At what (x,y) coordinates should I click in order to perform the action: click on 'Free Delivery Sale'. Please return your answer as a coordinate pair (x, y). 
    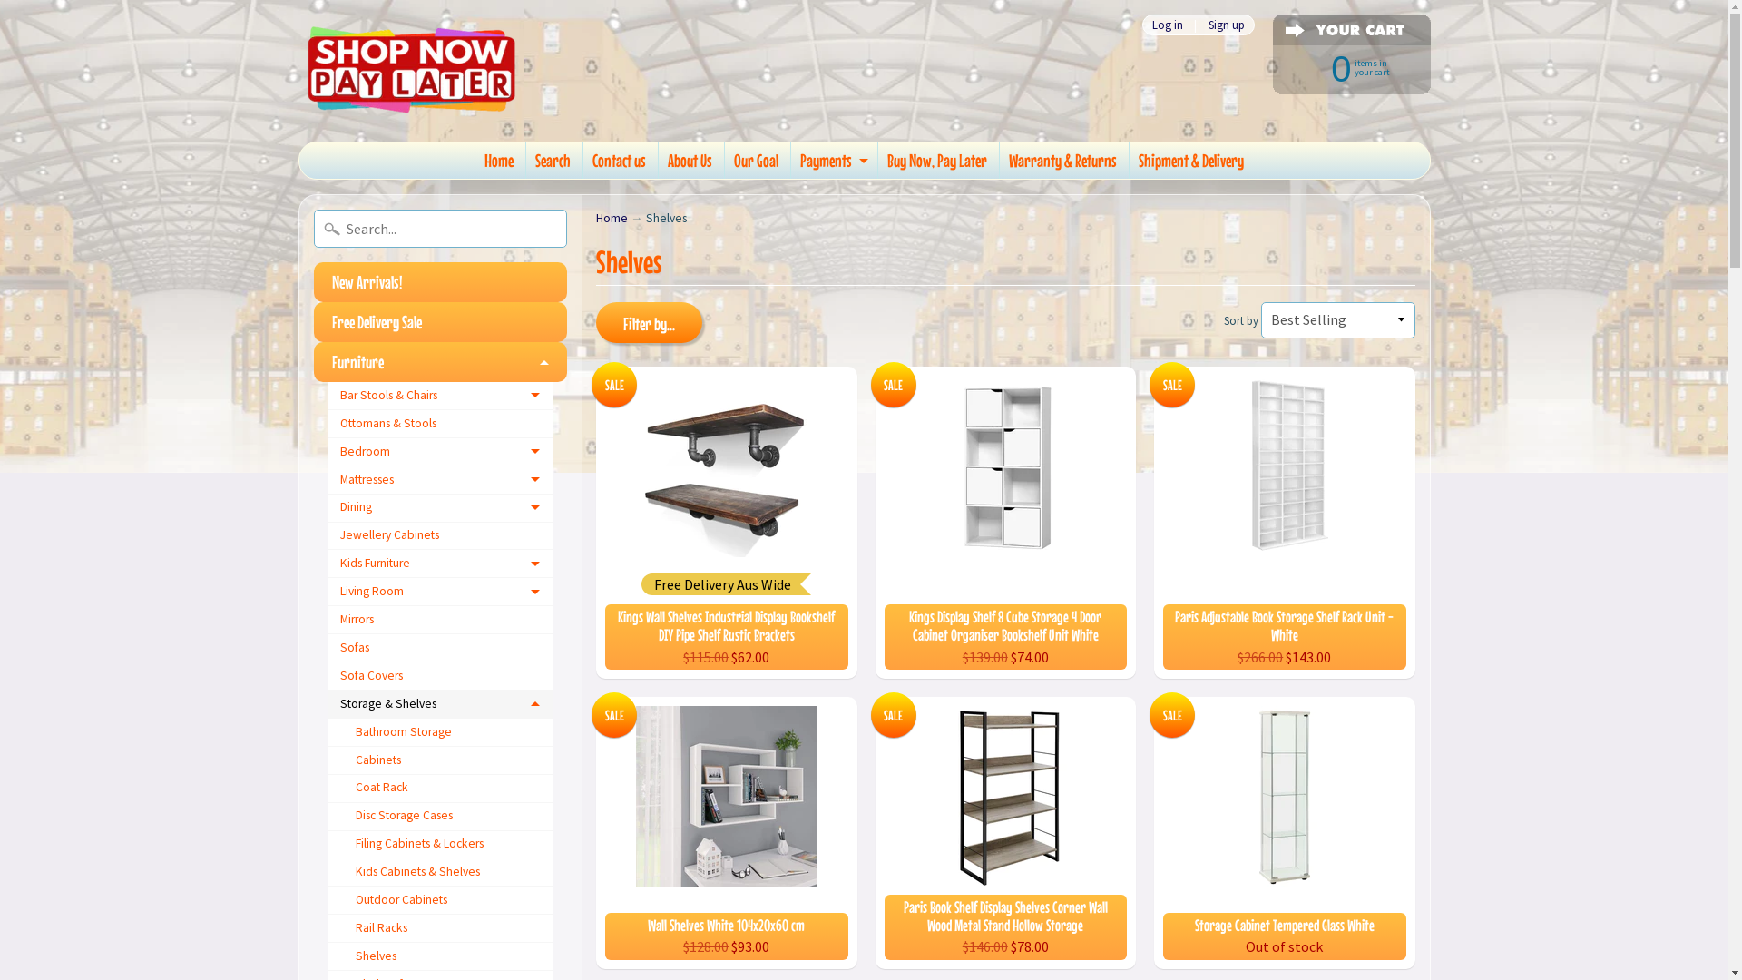
    Looking at the image, I should click on (440, 320).